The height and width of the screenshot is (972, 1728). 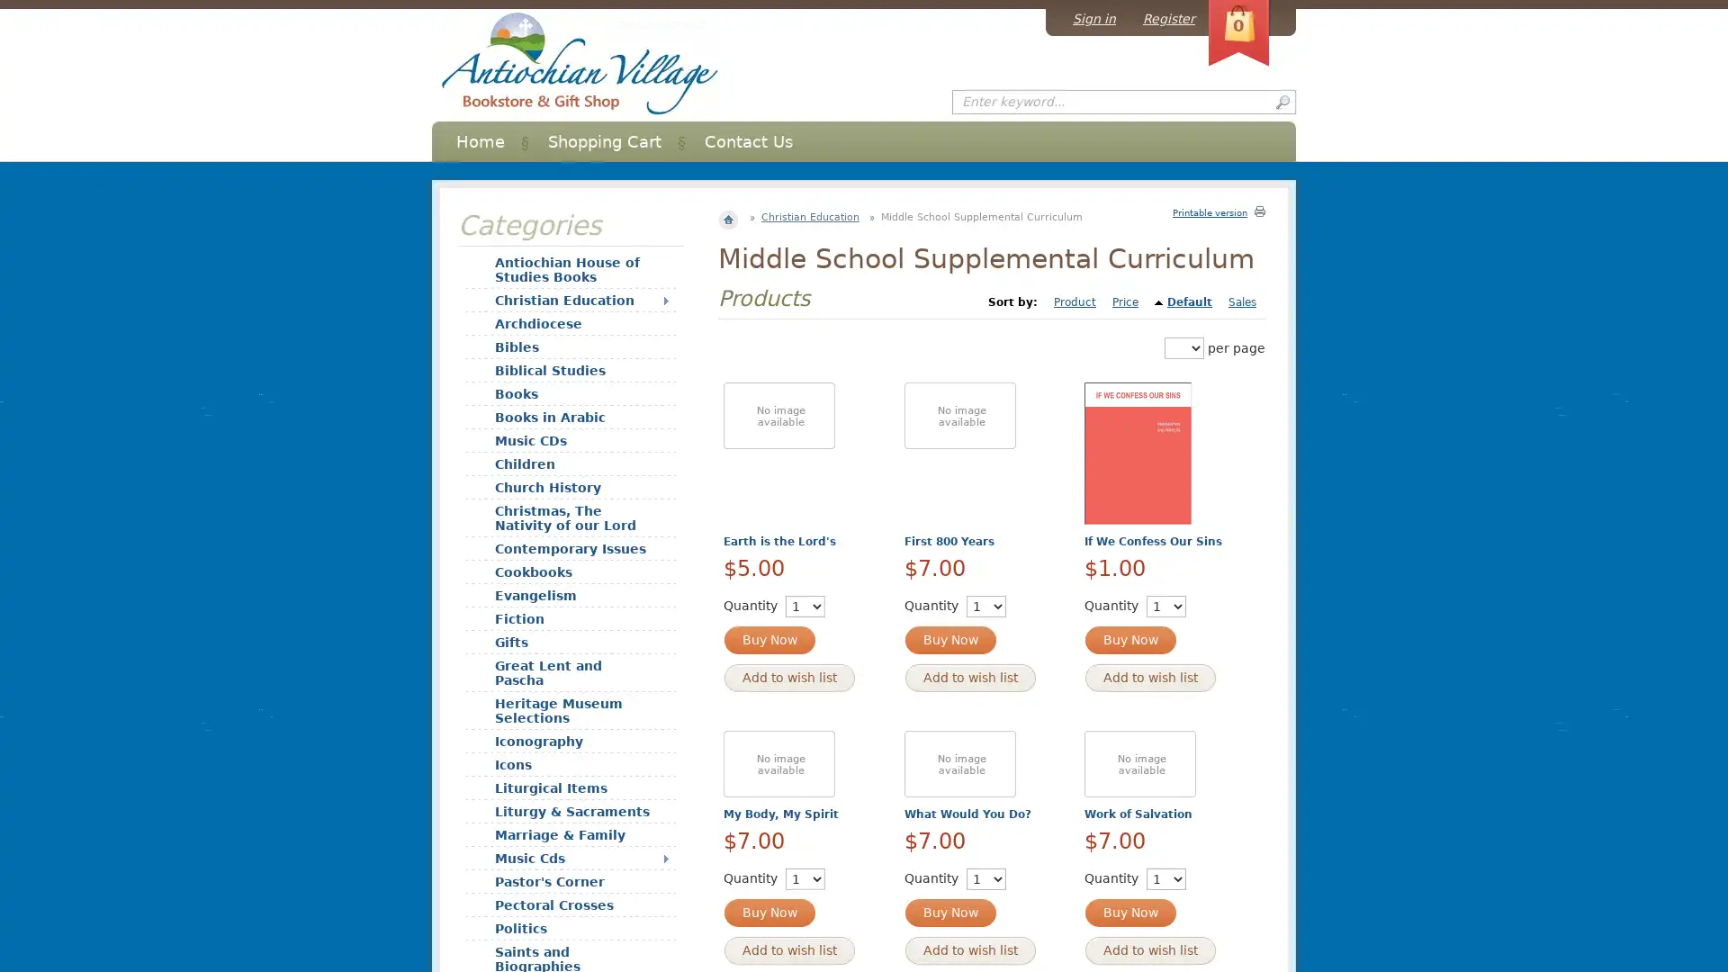 I want to click on Buy Now, so click(x=1129, y=913).